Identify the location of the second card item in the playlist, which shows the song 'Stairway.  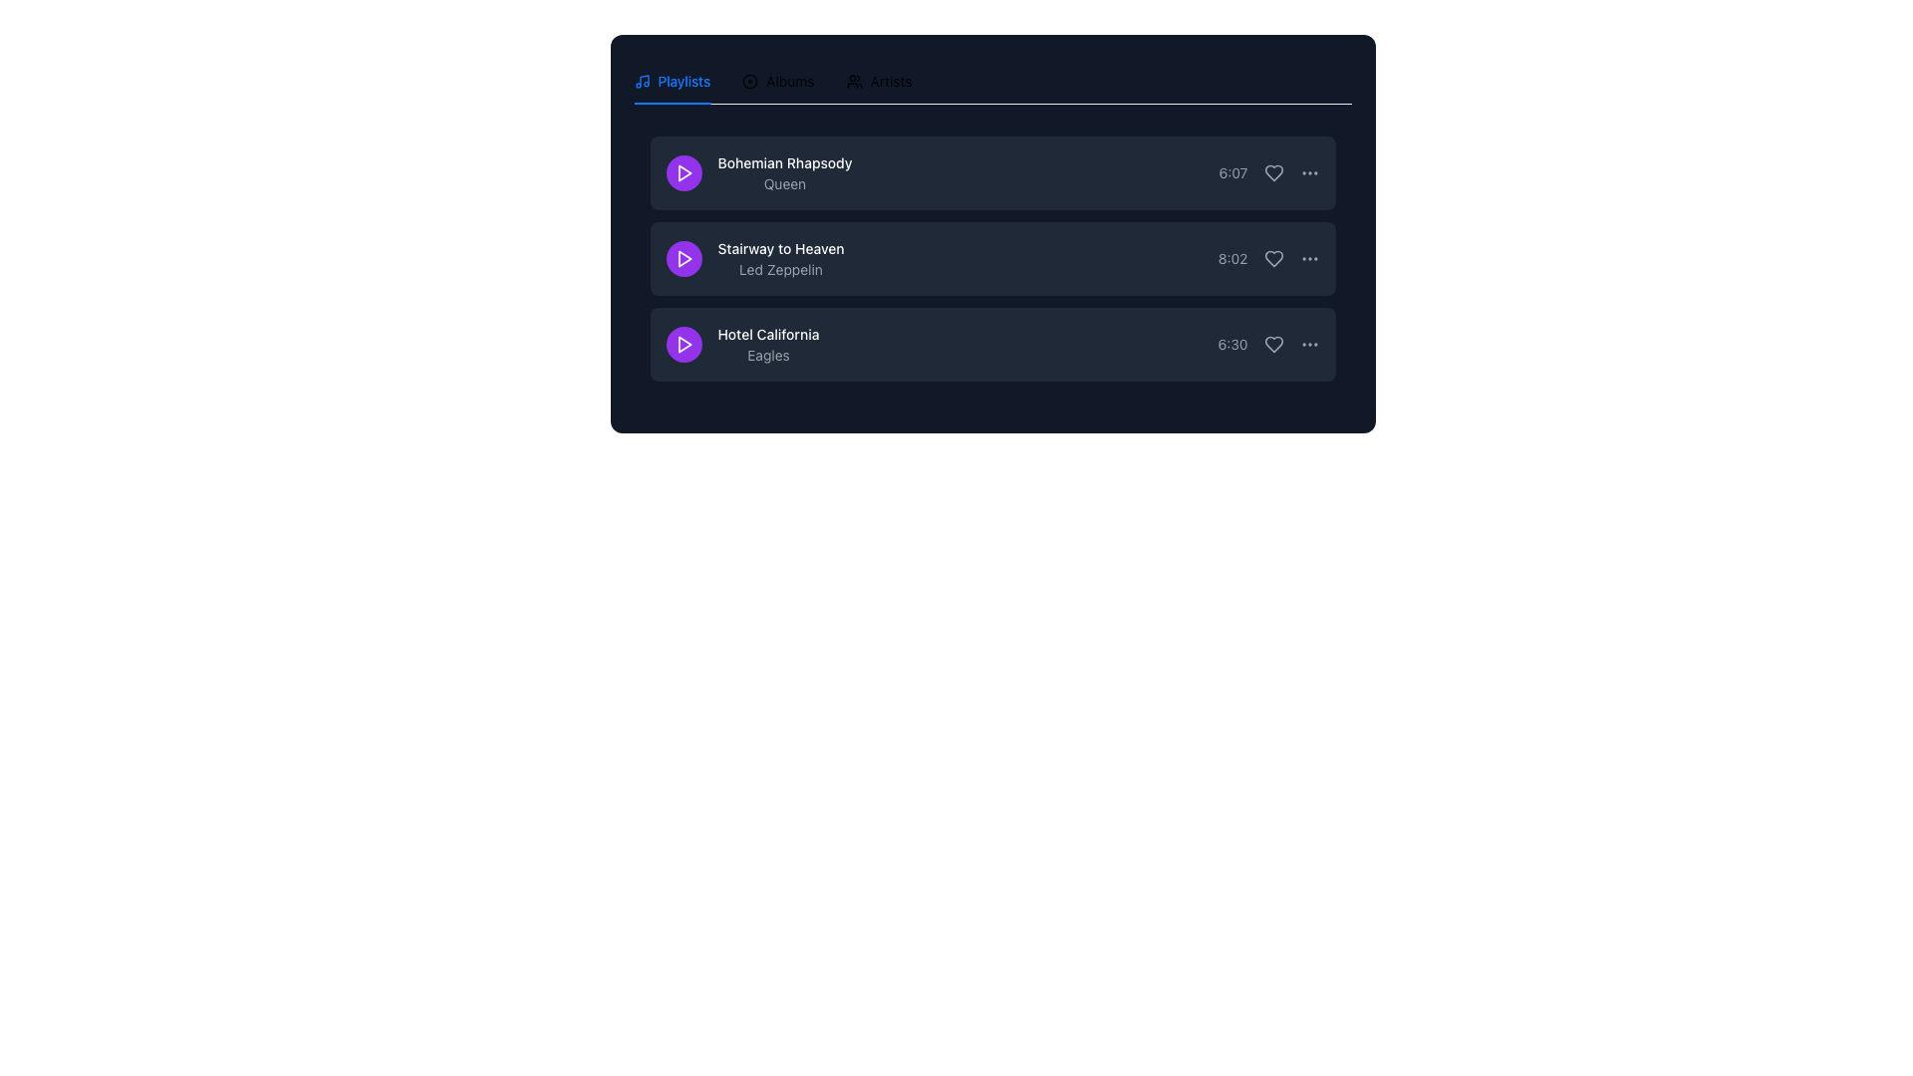
(992, 233).